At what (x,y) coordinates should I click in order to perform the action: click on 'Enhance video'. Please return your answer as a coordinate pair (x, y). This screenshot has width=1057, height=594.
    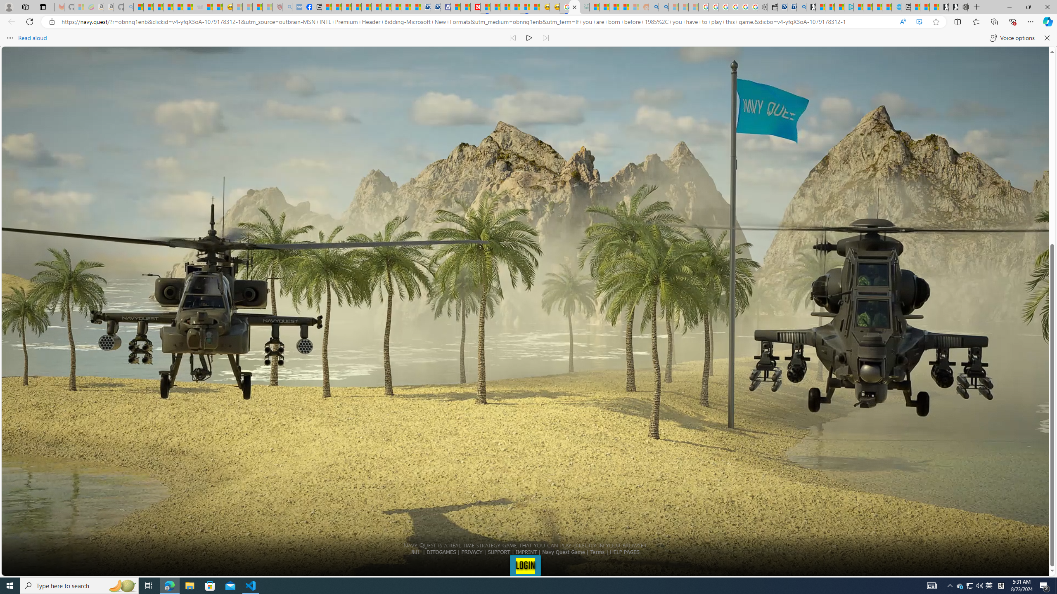
    Looking at the image, I should click on (919, 22).